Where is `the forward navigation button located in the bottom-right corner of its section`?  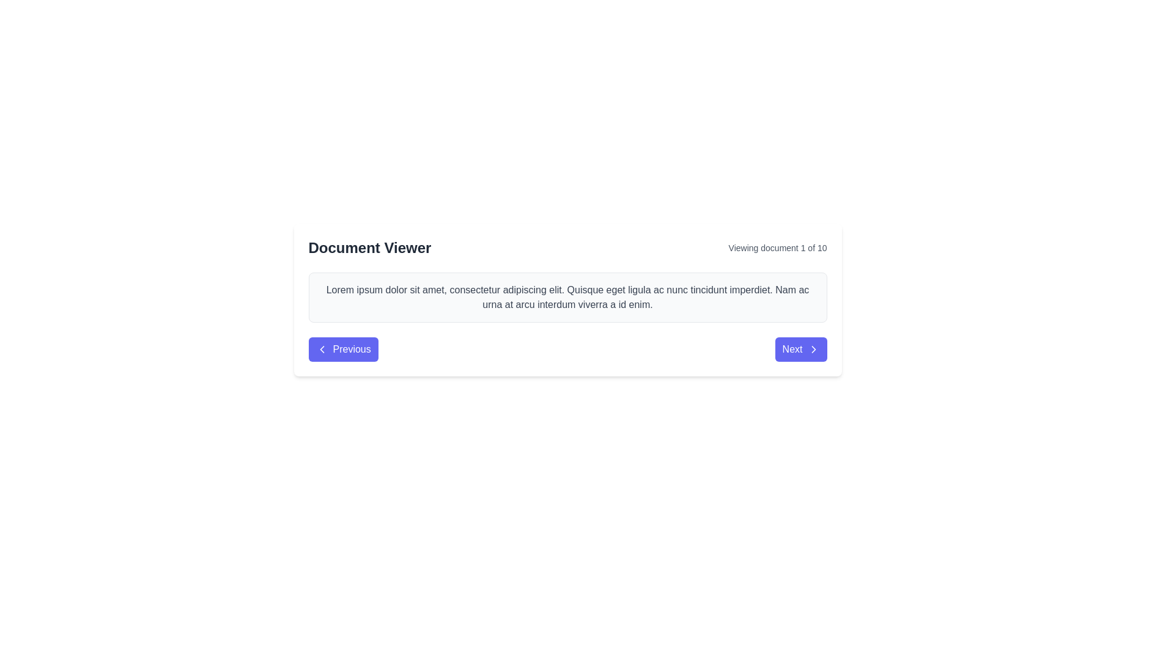 the forward navigation button located in the bottom-right corner of its section is located at coordinates (801, 349).